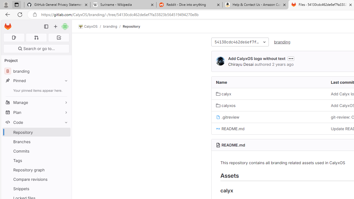 Image resolution: width=354 pixels, height=199 pixels. What do you see at coordinates (65, 151) in the screenshot?
I see `'Pin Commits'` at bounding box center [65, 151].